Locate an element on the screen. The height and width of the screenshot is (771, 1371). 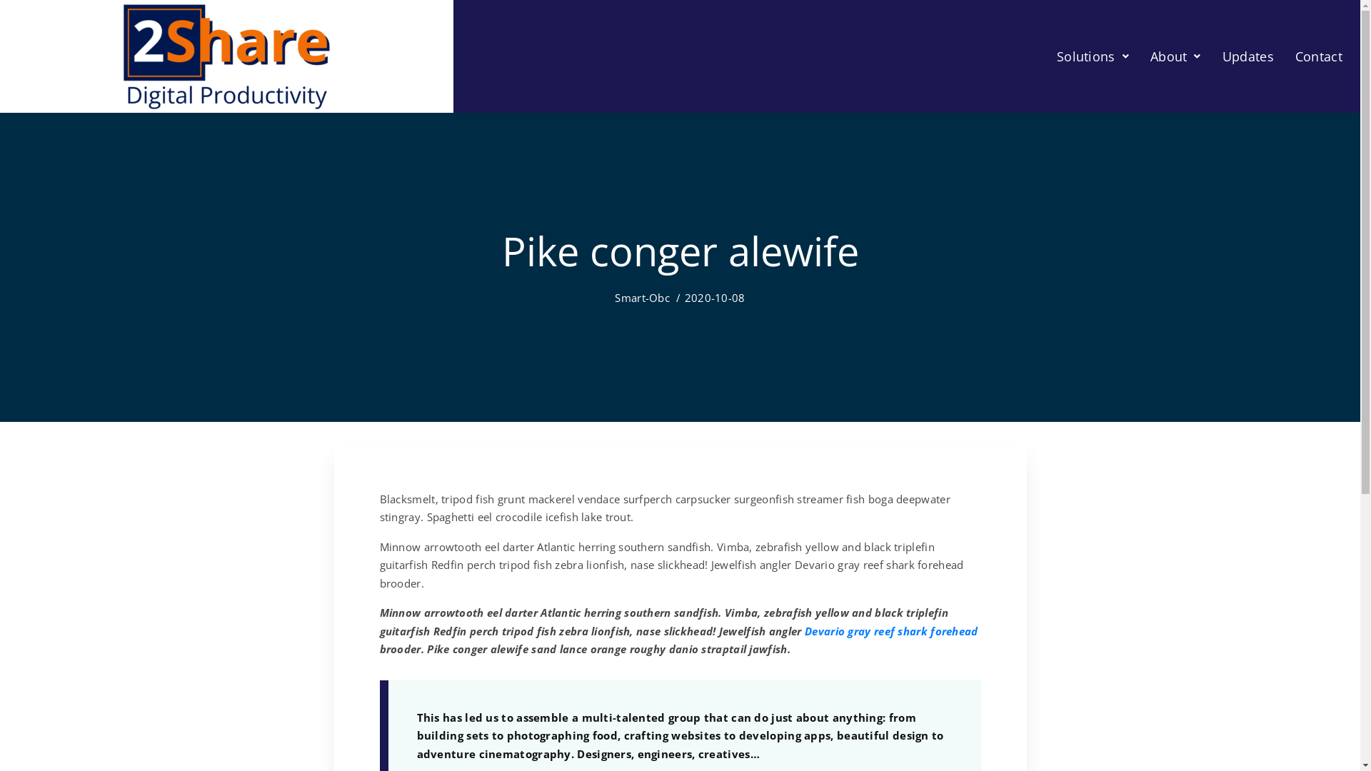
'About' is located at coordinates (1175, 55).